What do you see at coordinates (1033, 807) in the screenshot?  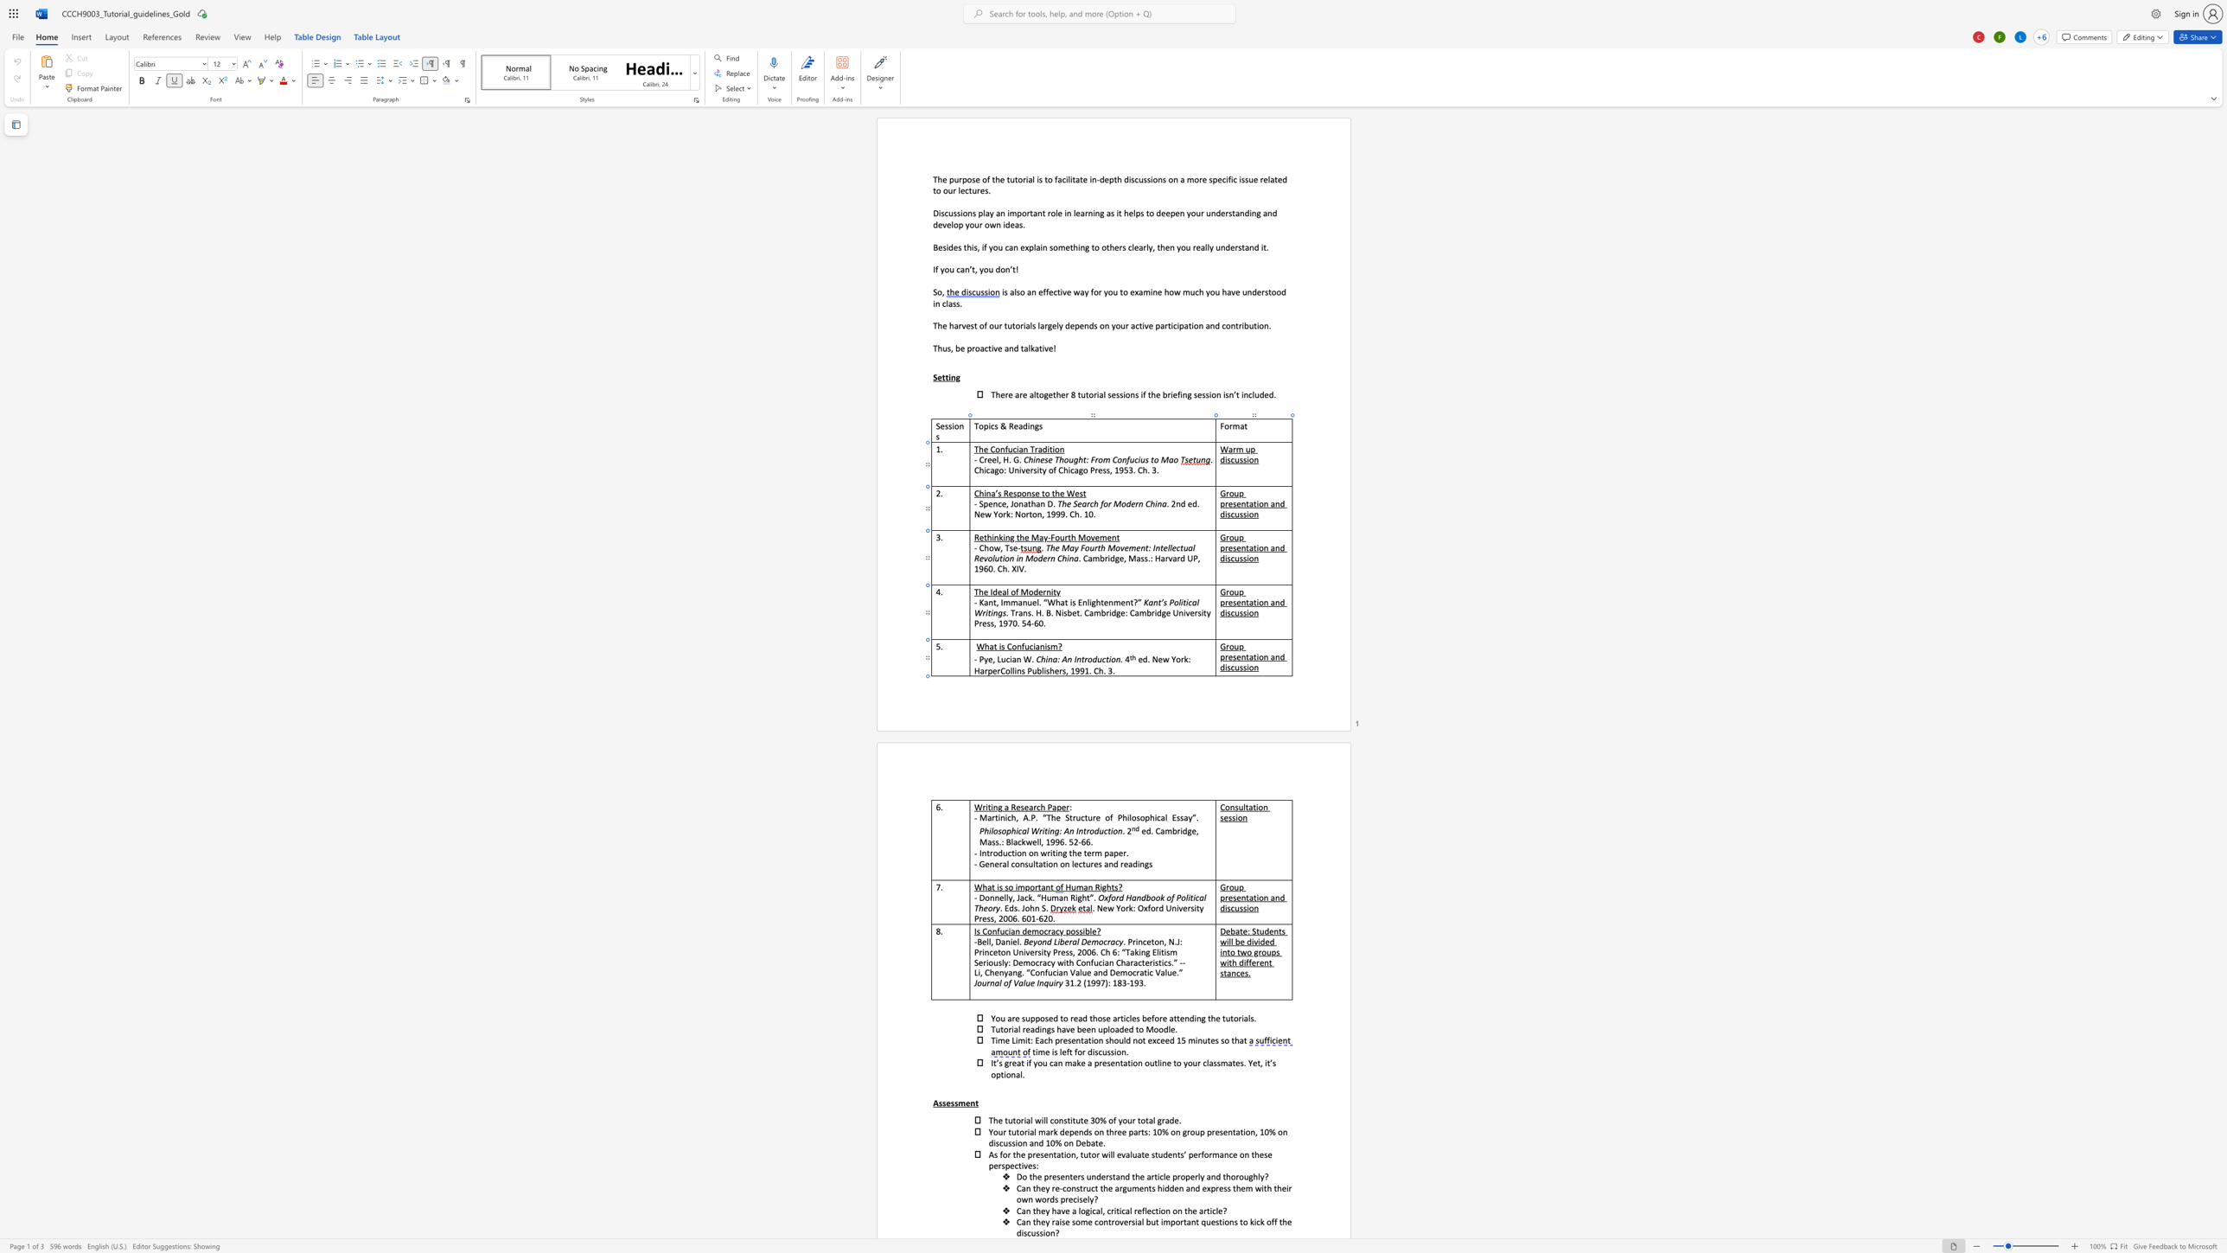 I see `the space between the continuous character "a" and "r" in the text` at bounding box center [1033, 807].